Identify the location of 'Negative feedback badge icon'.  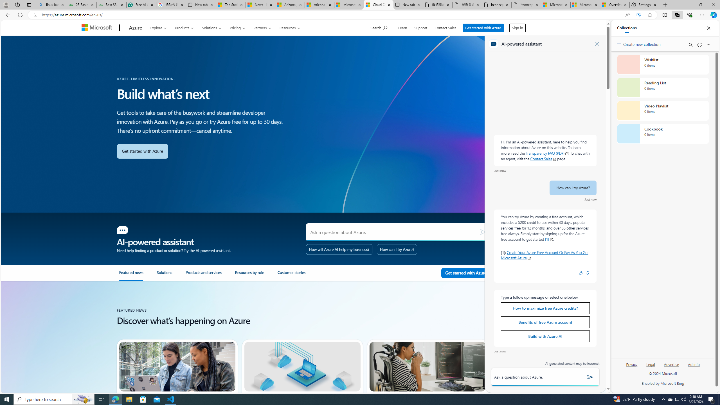
(587, 273).